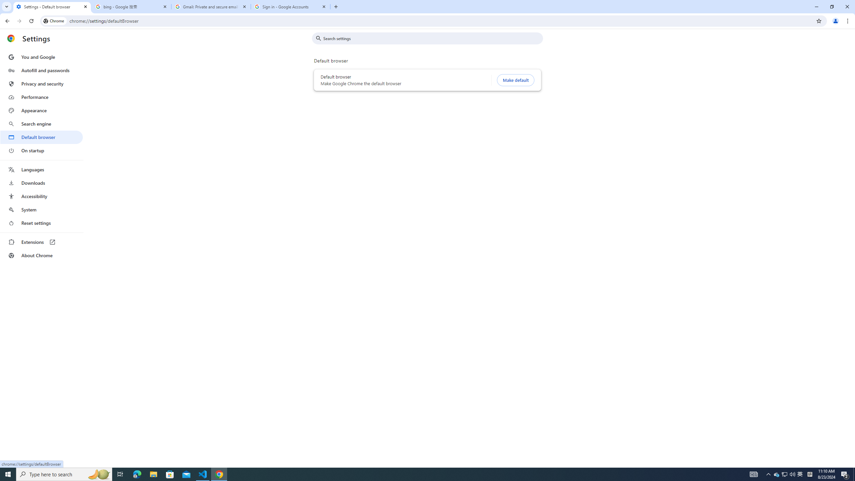  What do you see at coordinates (41, 70) in the screenshot?
I see `'Autofill and passwords'` at bounding box center [41, 70].